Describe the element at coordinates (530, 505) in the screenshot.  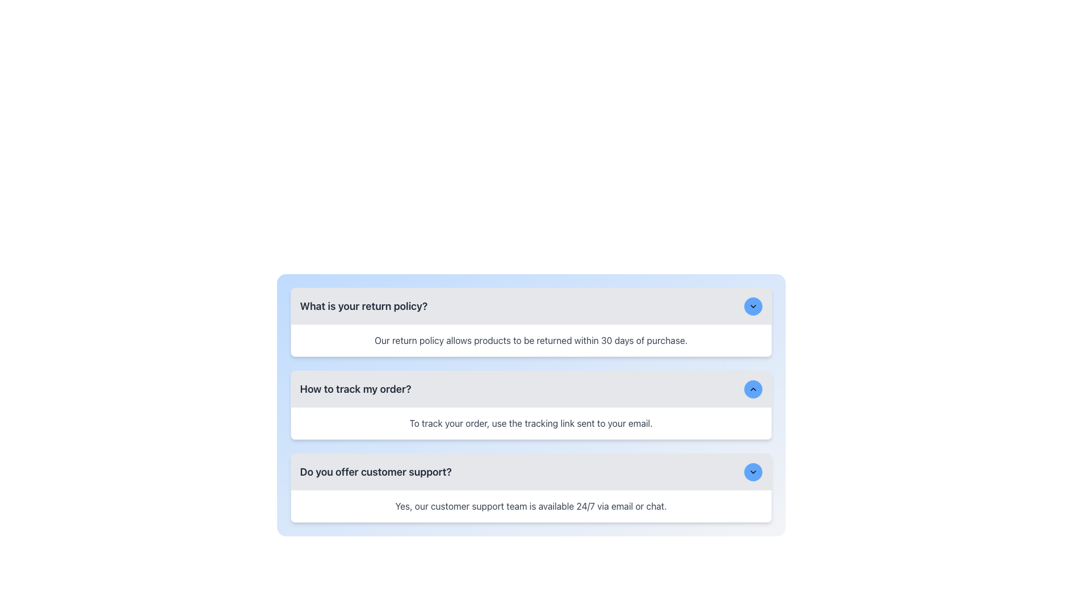
I see `the Text block located at the bottom of the third section in the FAQ interface, which provides the answer to the question regarding customer support availability and channels` at that location.